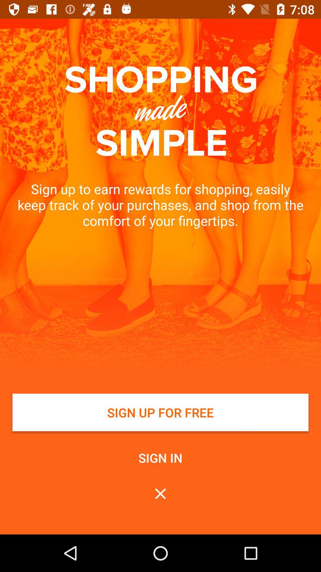  What do you see at coordinates (160, 494) in the screenshot?
I see `the close icon` at bounding box center [160, 494].